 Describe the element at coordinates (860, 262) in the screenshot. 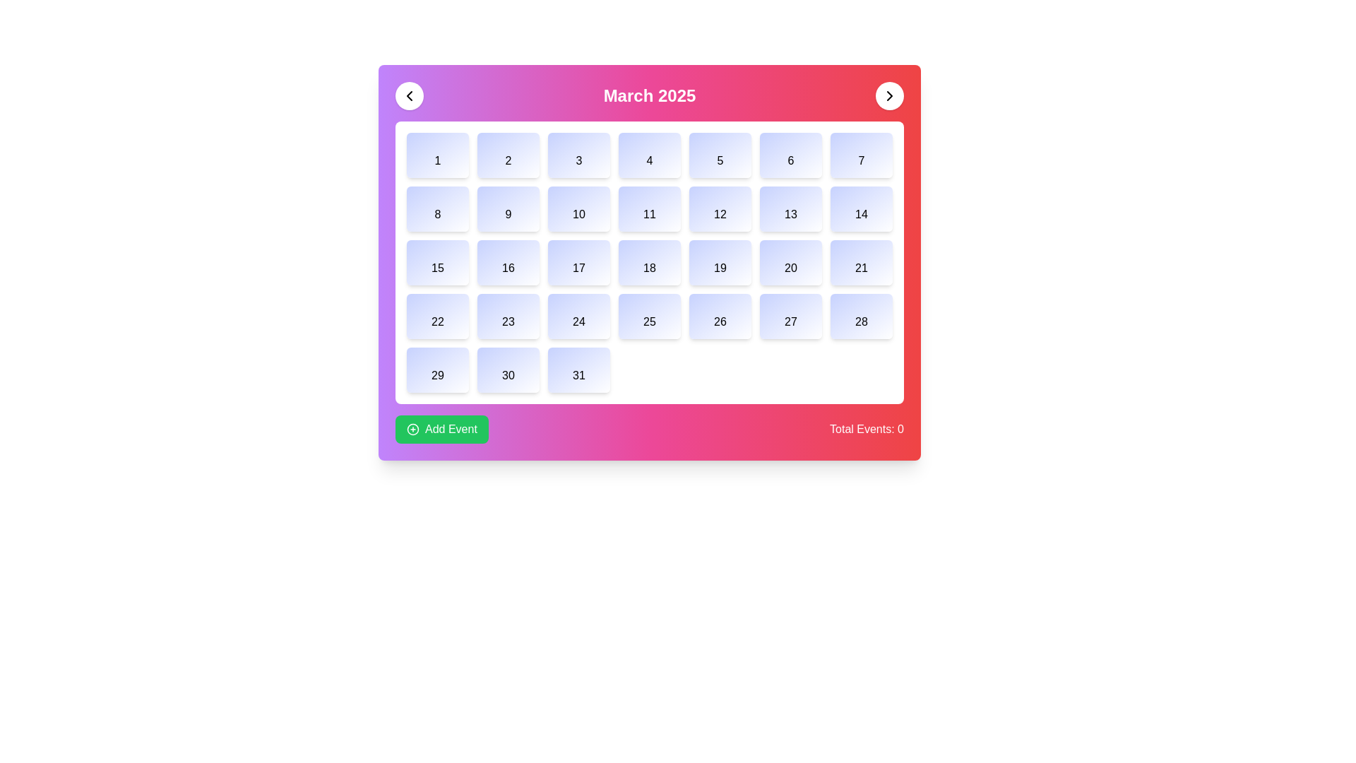

I see `the button representing the 21st day in the monthly calendar interface` at that location.